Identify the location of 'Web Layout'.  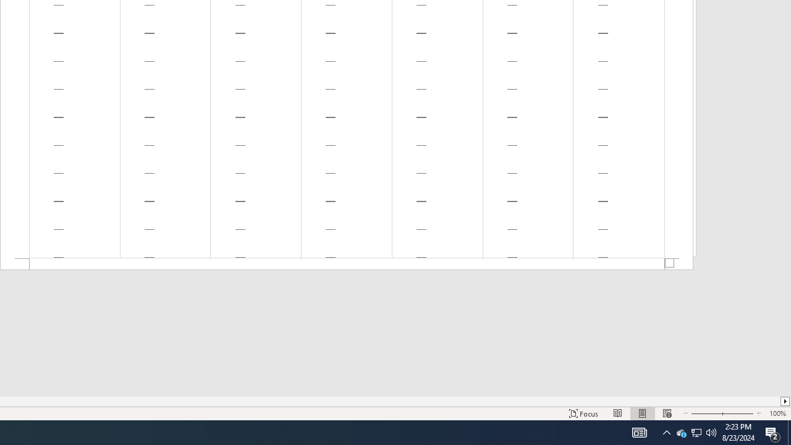
(666, 413).